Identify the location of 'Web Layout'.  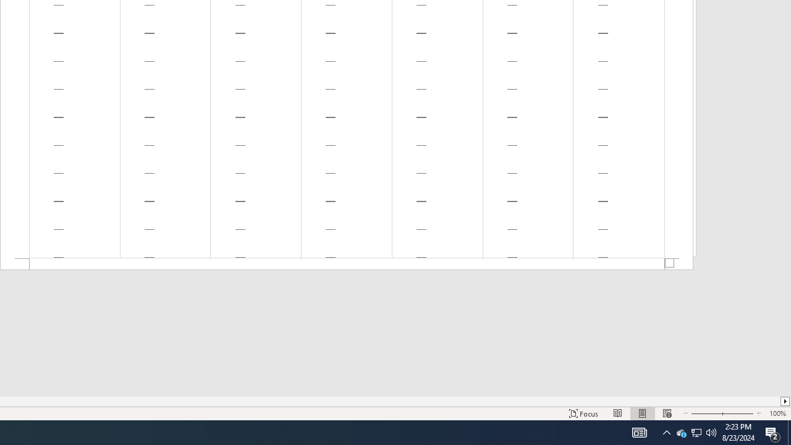
(666, 413).